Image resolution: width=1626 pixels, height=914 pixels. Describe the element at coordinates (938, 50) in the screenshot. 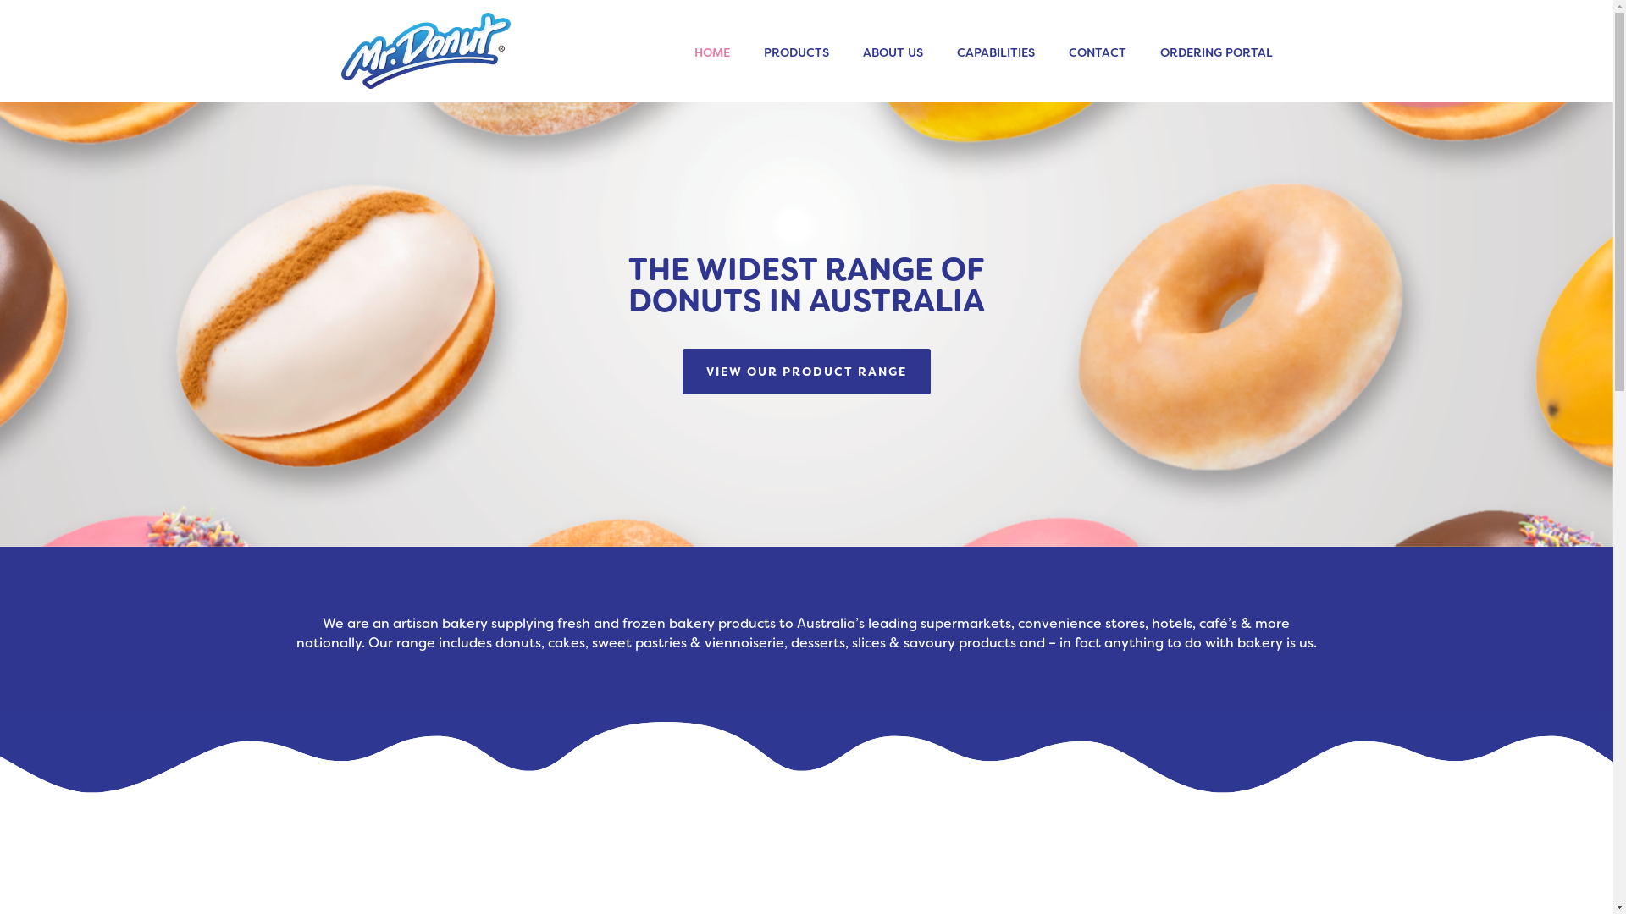

I see `'CAPABILITIES'` at that location.